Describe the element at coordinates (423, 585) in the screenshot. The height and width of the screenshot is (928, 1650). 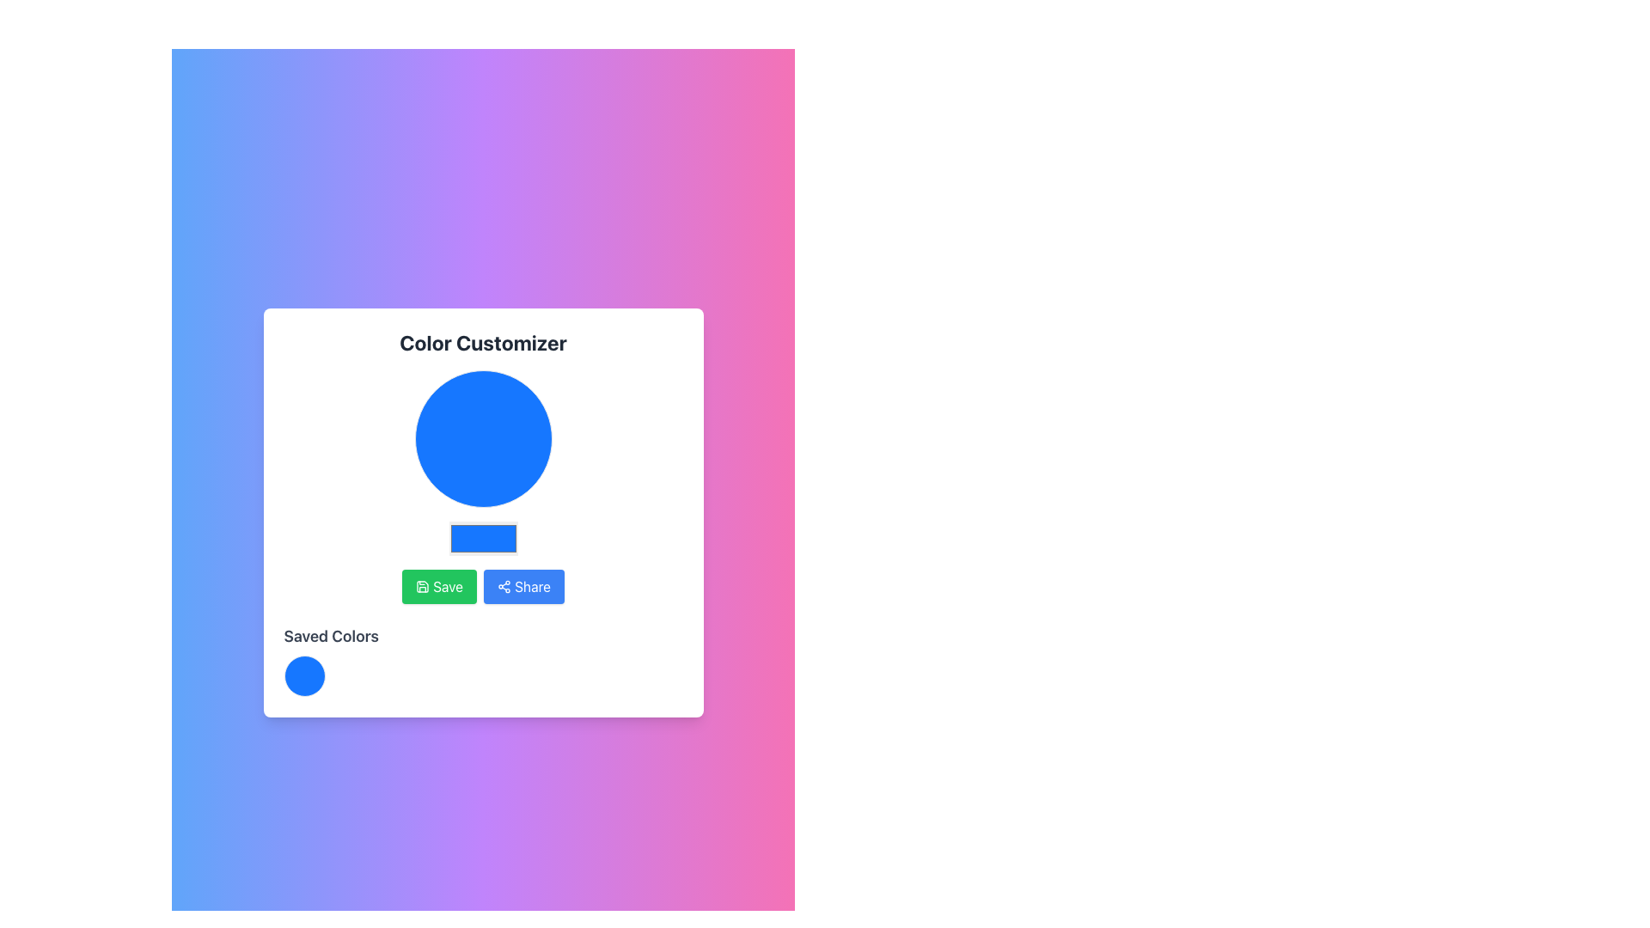
I see `the 'Save' icon located on the green button at the bottom left of the interface card` at that location.